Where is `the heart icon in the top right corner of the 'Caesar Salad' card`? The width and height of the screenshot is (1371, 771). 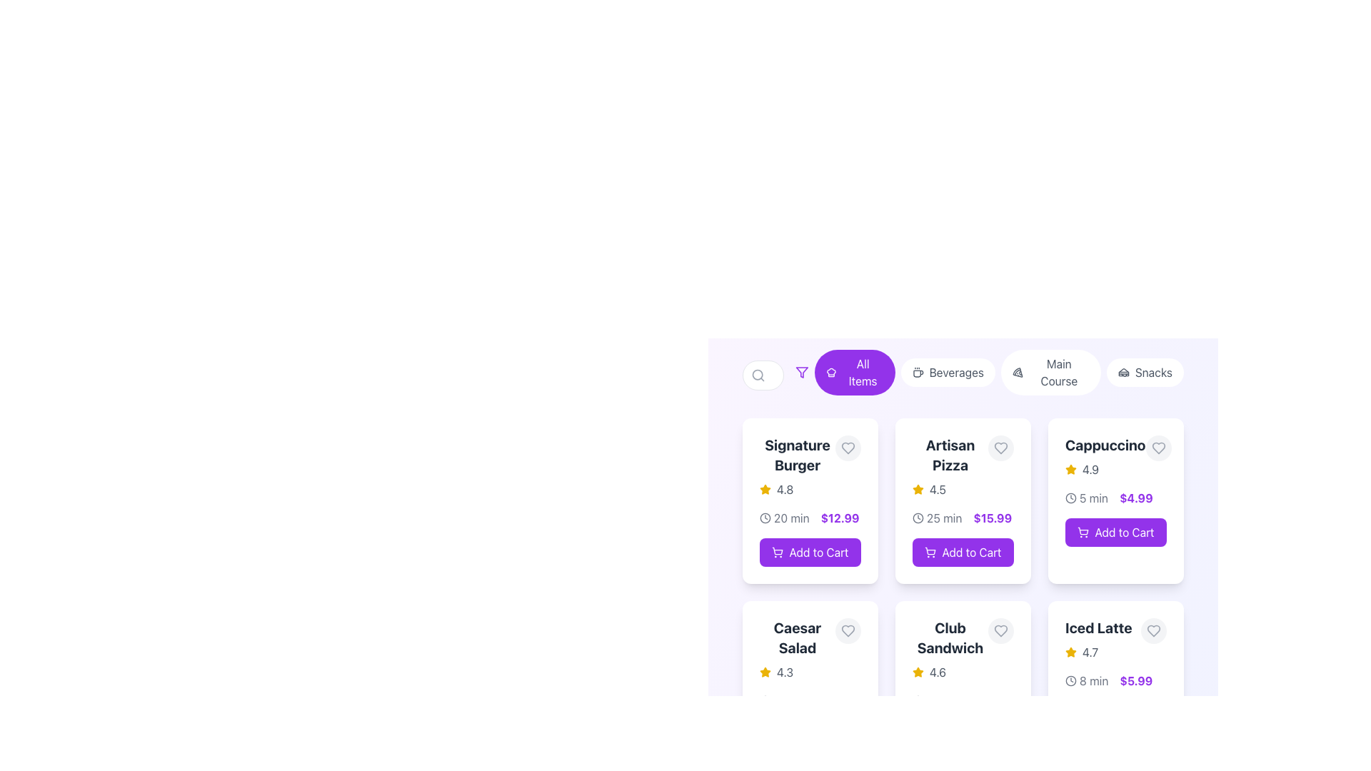
the heart icon in the top right corner of the 'Caesar Salad' card is located at coordinates (848, 630).